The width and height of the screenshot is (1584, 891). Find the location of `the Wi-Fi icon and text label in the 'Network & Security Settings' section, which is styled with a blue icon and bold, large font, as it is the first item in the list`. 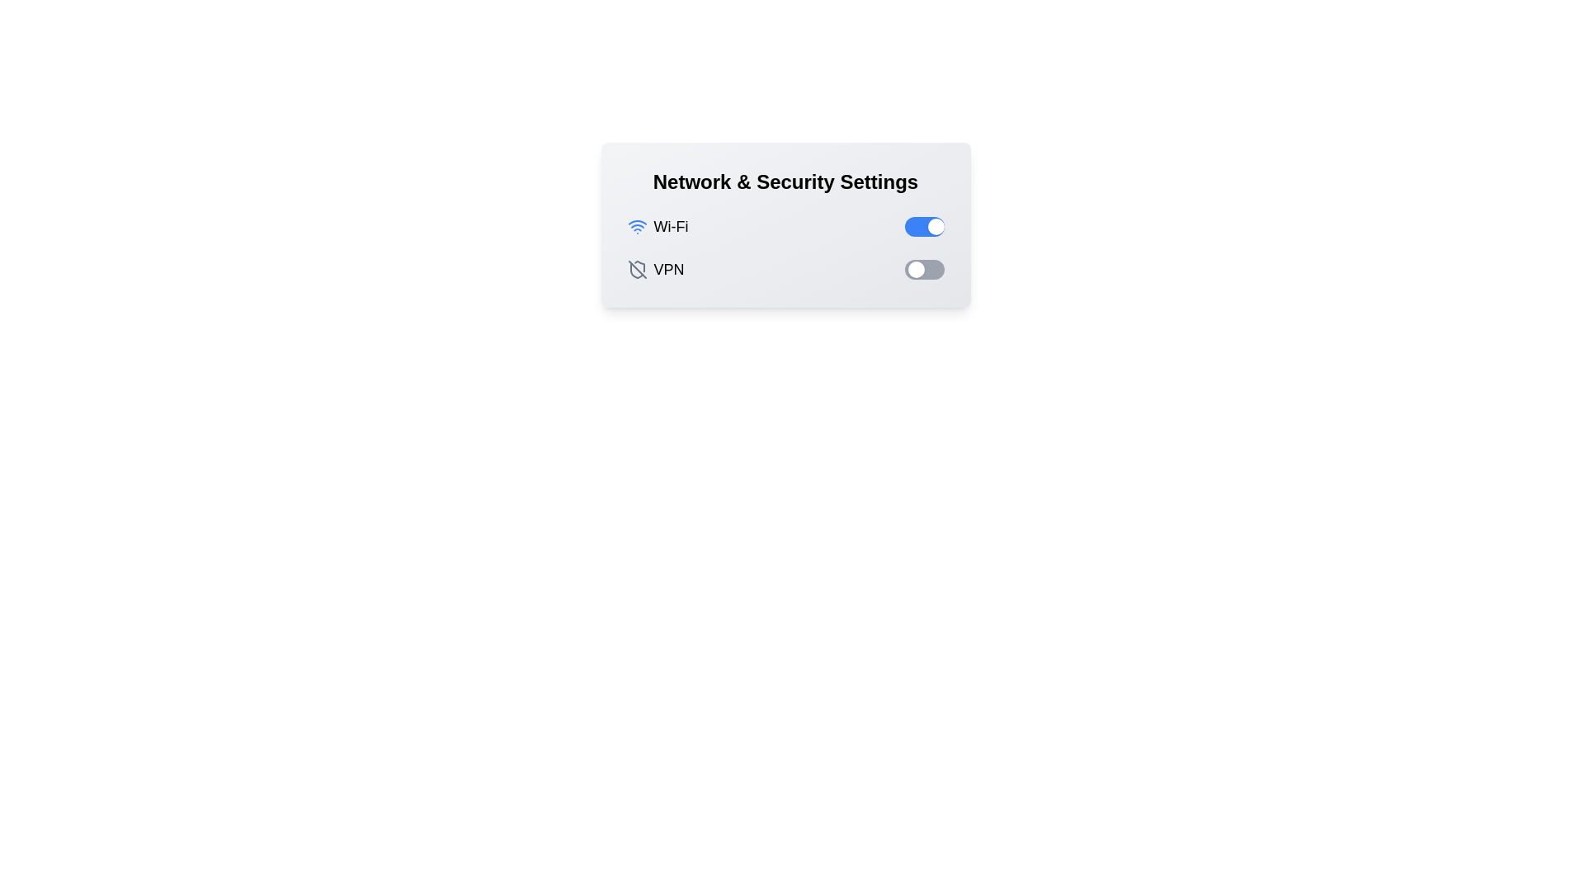

the Wi-Fi icon and text label in the 'Network & Security Settings' section, which is styled with a blue icon and bold, large font, as it is the first item in the list is located at coordinates (657, 226).